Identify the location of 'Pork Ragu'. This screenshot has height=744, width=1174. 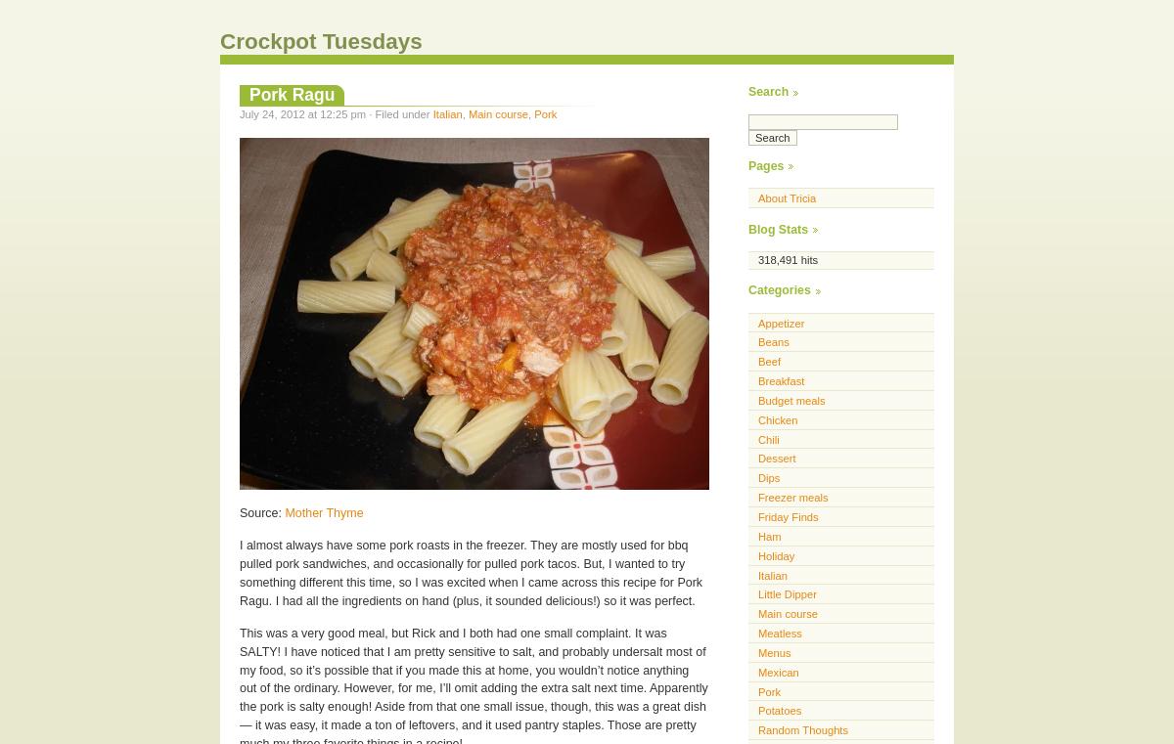
(248, 93).